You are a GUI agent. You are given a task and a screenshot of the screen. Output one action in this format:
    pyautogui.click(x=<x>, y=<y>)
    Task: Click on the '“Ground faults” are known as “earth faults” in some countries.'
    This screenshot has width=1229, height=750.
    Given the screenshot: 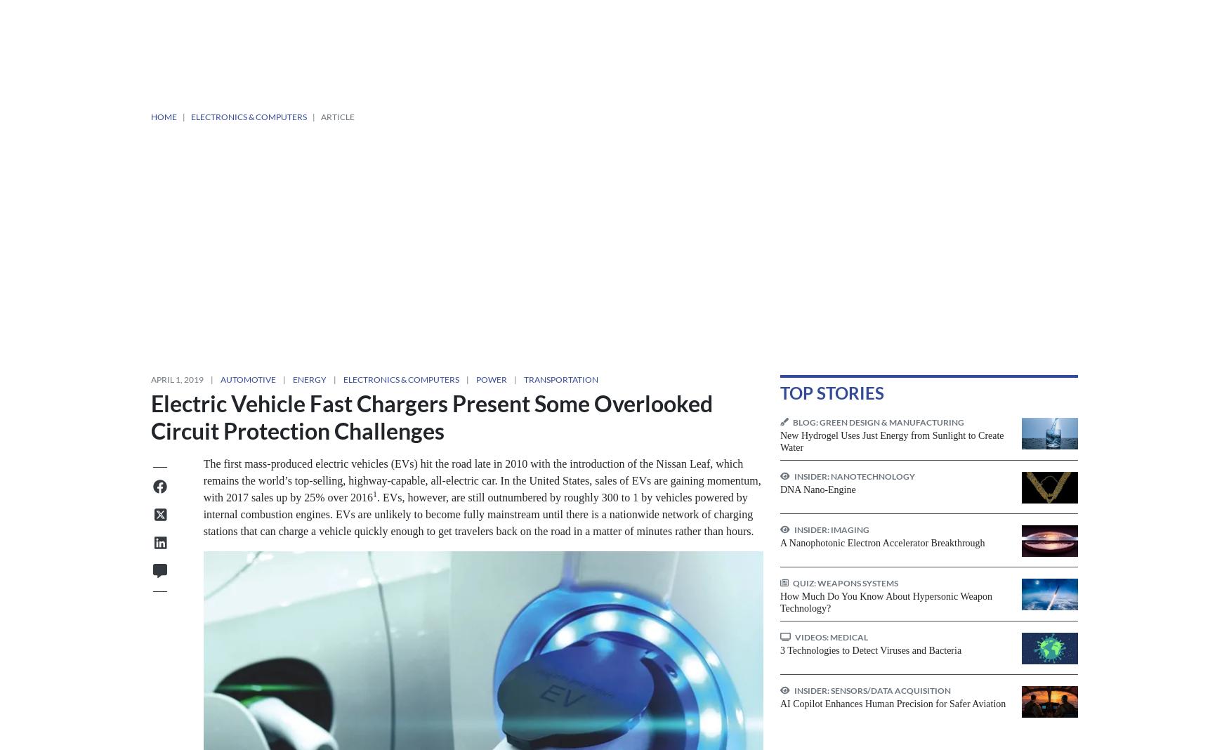 What is the action you would take?
    pyautogui.click(x=366, y=412)
    